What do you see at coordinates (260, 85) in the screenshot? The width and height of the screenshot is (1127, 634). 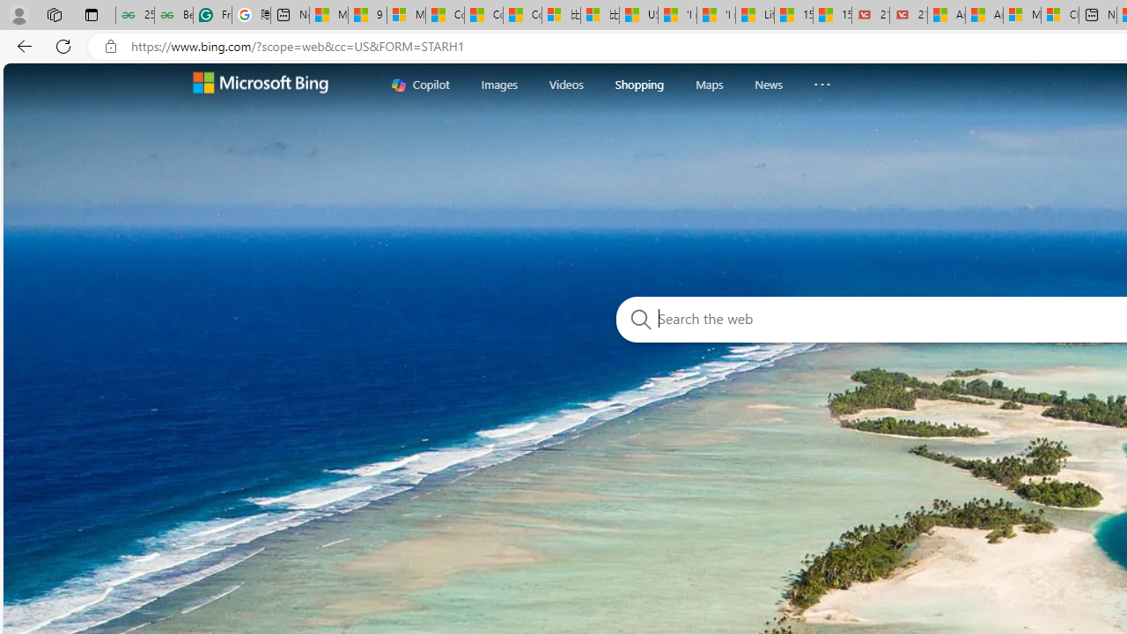 I see `'Welcome to Bing Search'` at bounding box center [260, 85].